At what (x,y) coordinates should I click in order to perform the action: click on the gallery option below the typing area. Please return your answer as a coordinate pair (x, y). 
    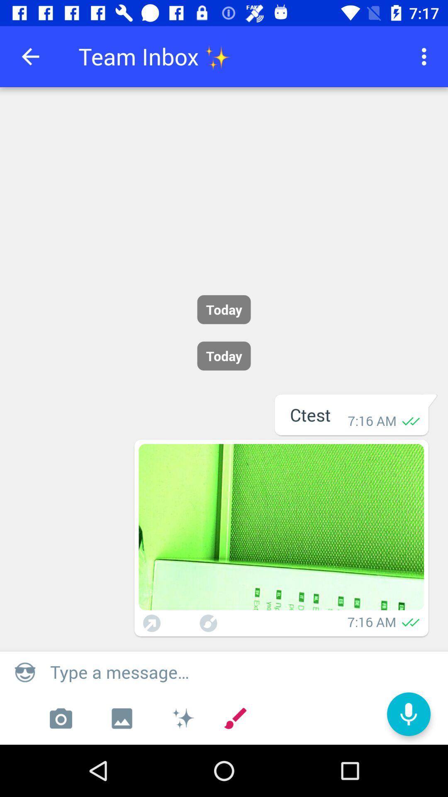
    Looking at the image, I should click on (122, 718).